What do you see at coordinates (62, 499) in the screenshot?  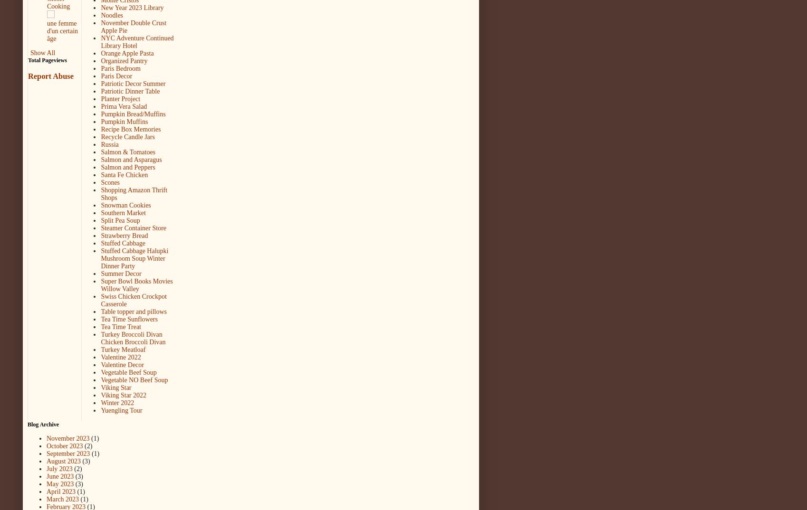 I see `'March 2023'` at bounding box center [62, 499].